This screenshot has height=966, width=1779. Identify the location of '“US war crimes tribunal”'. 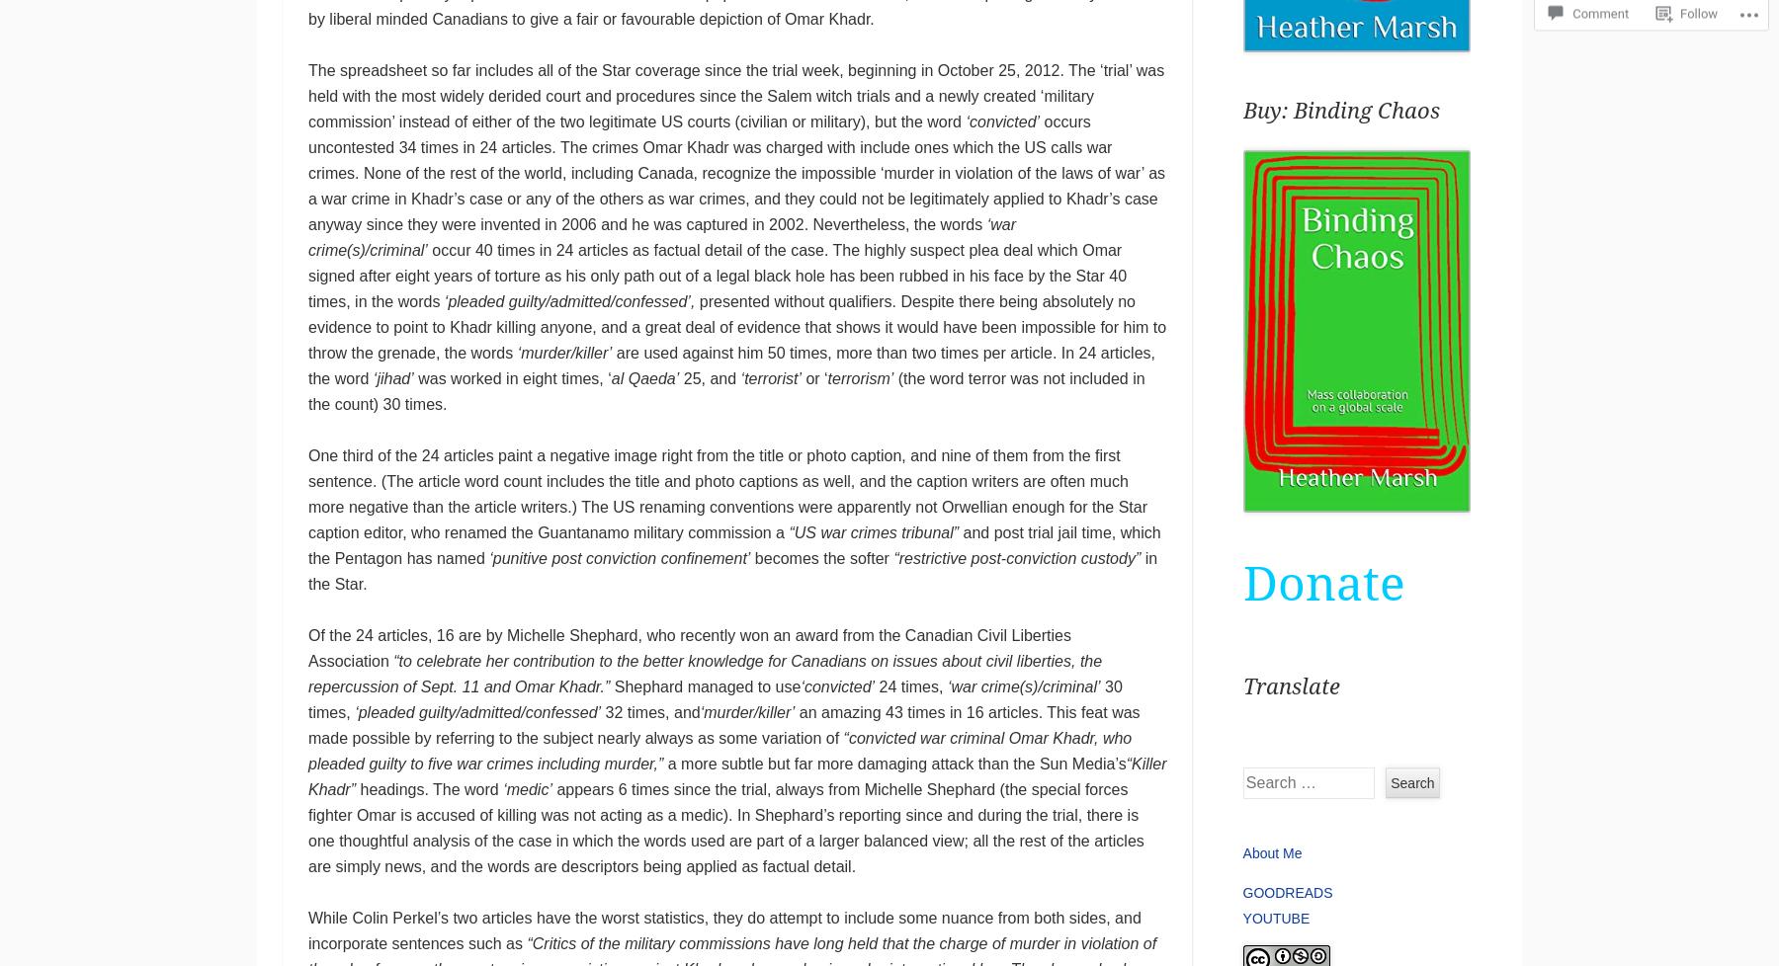
(873, 532).